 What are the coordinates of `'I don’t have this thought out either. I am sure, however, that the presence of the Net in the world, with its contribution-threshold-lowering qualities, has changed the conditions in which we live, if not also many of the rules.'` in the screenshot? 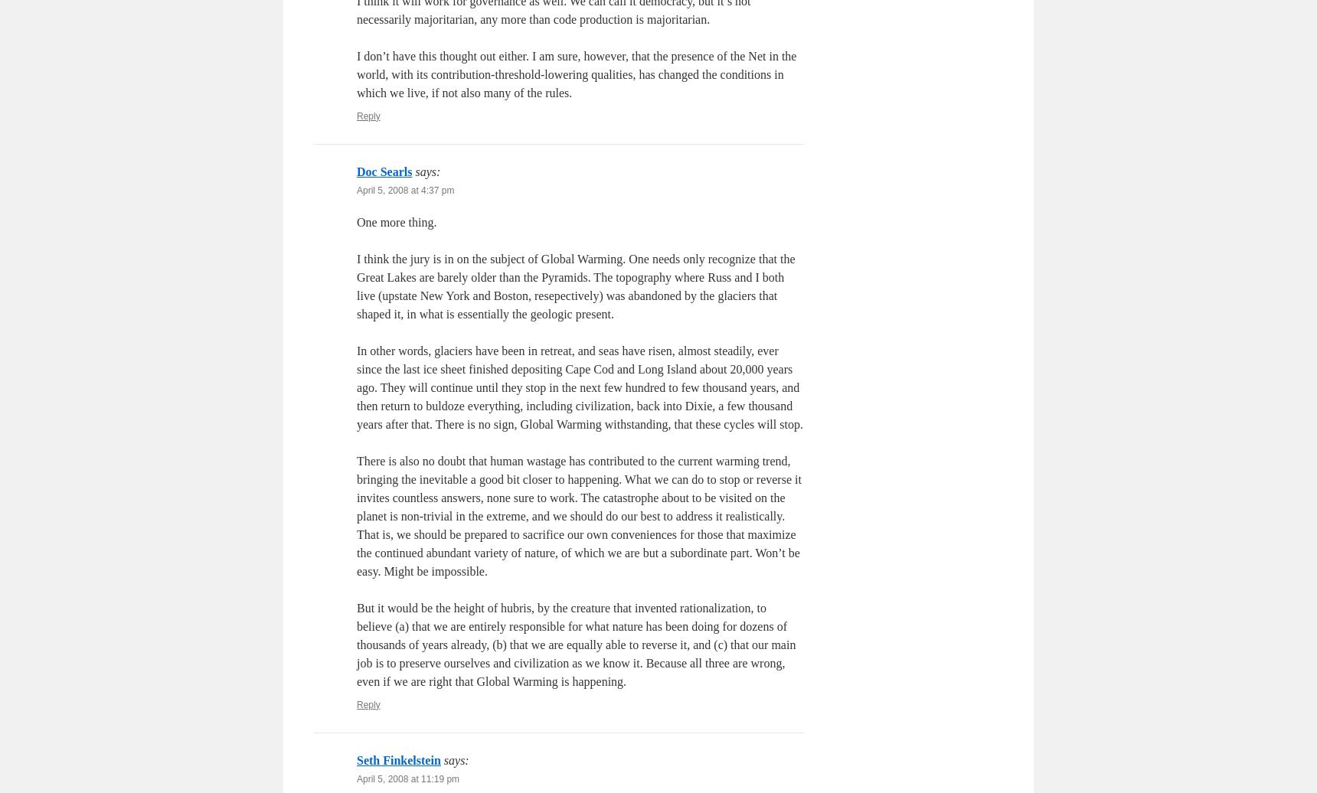 It's located at (576, 73).